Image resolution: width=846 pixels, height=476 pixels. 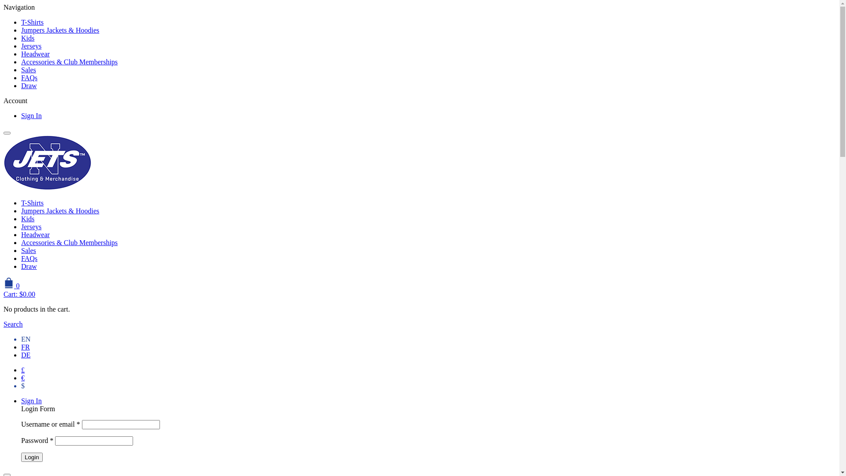 What do you see at coordinates (69, 242) in the screenshot?
I see `'Accessories & Club Memberships'` at bounding box center [69, 242].